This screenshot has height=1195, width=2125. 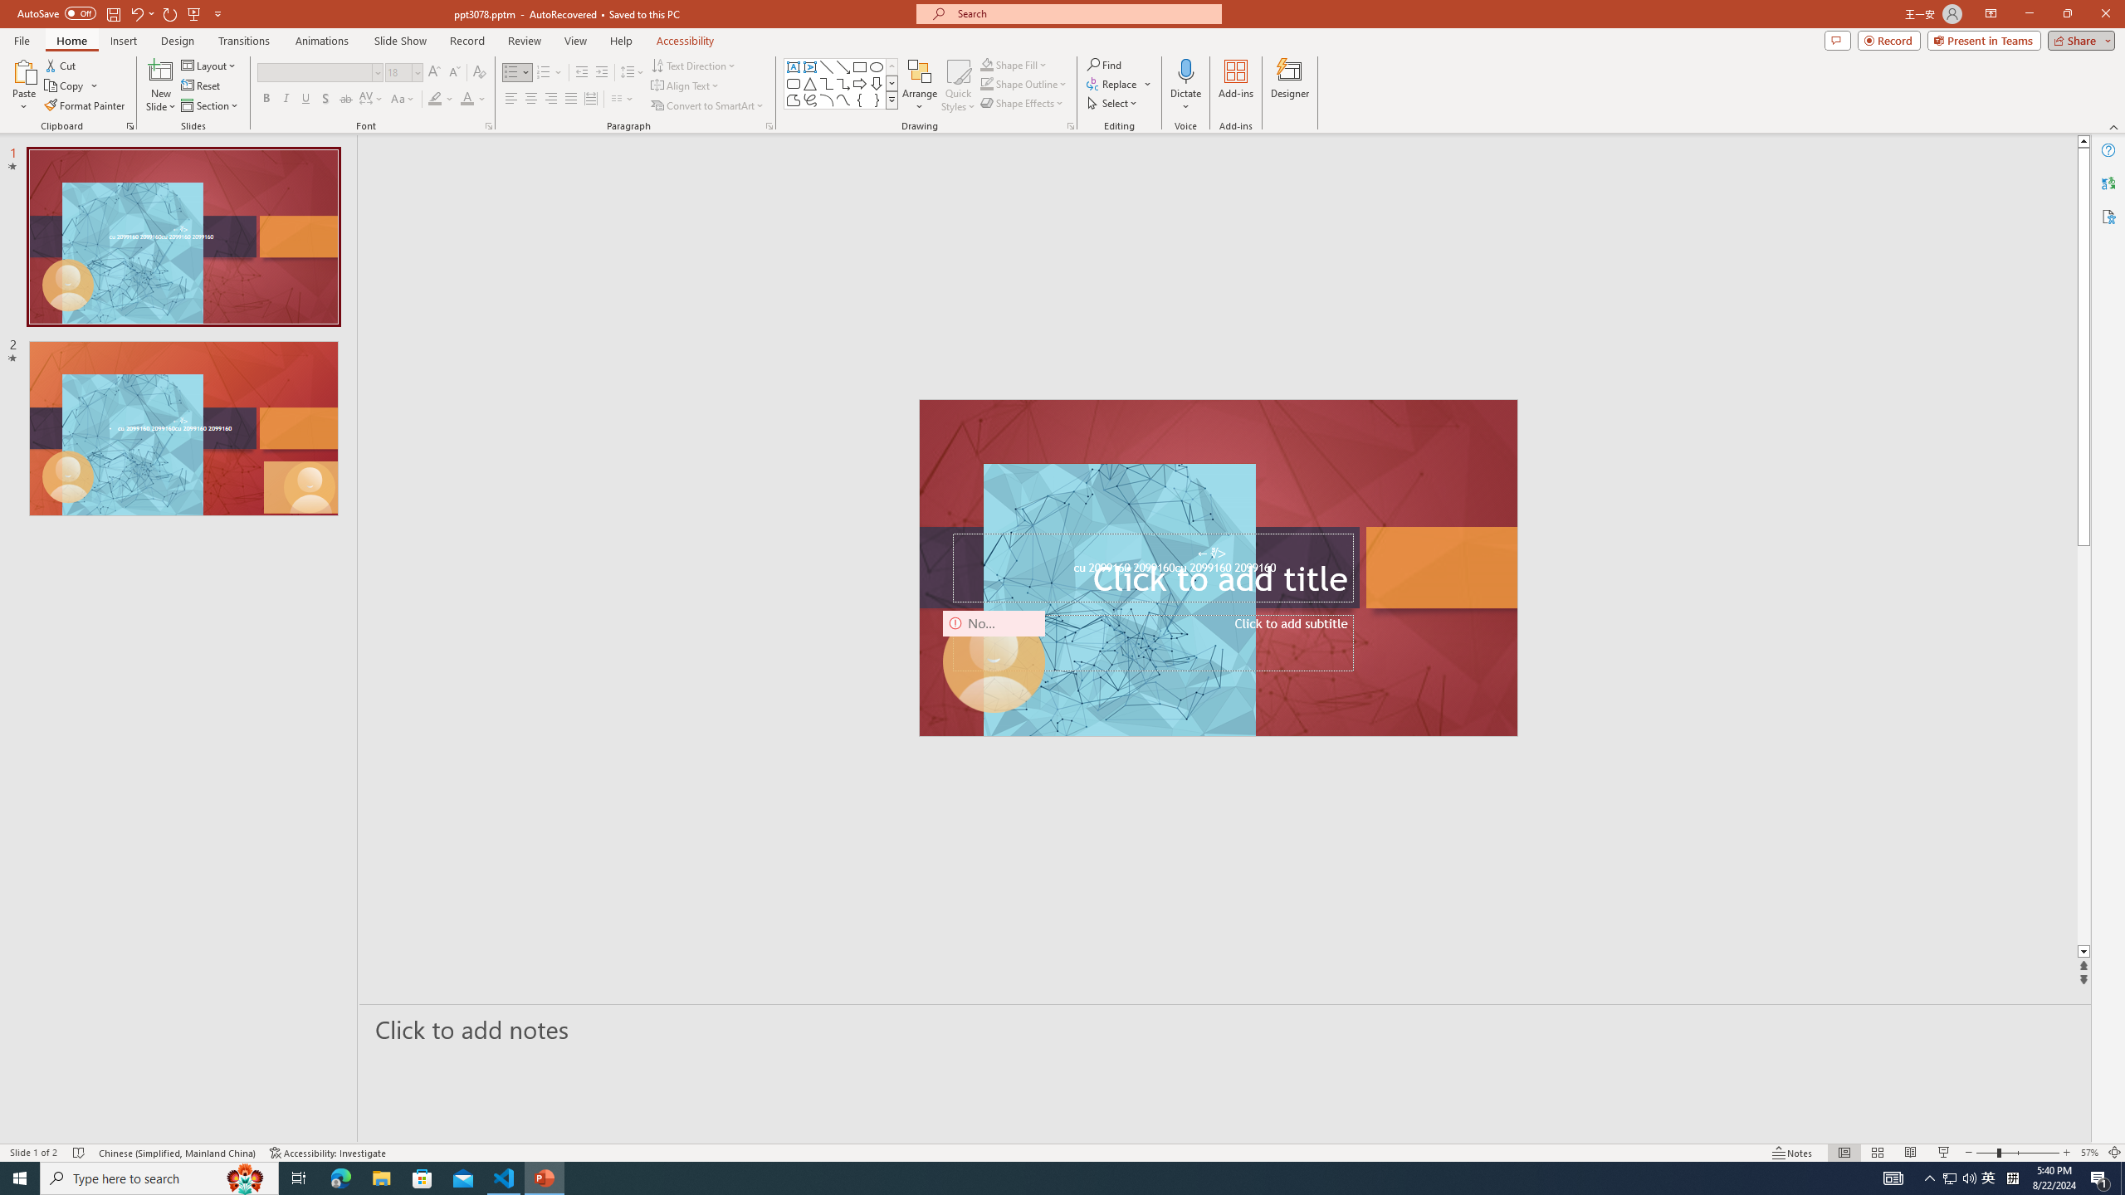 What do you see at coordinates (531, 98) in the screenshot?
I see `'Center'` at bounding box center [531, 98].